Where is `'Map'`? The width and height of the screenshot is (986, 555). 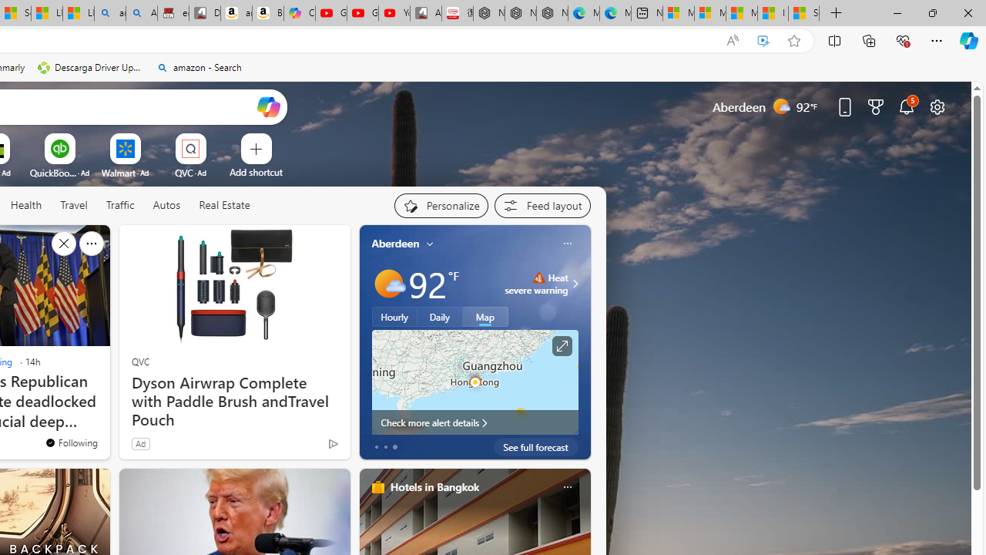 'Map' is located at coordinates (485, 316).